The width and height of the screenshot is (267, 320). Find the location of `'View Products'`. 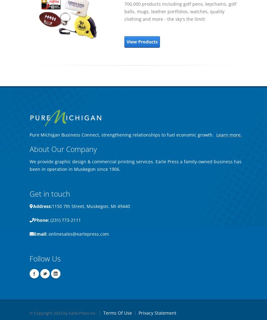

'View Products' is located at coordinates (142, 41).